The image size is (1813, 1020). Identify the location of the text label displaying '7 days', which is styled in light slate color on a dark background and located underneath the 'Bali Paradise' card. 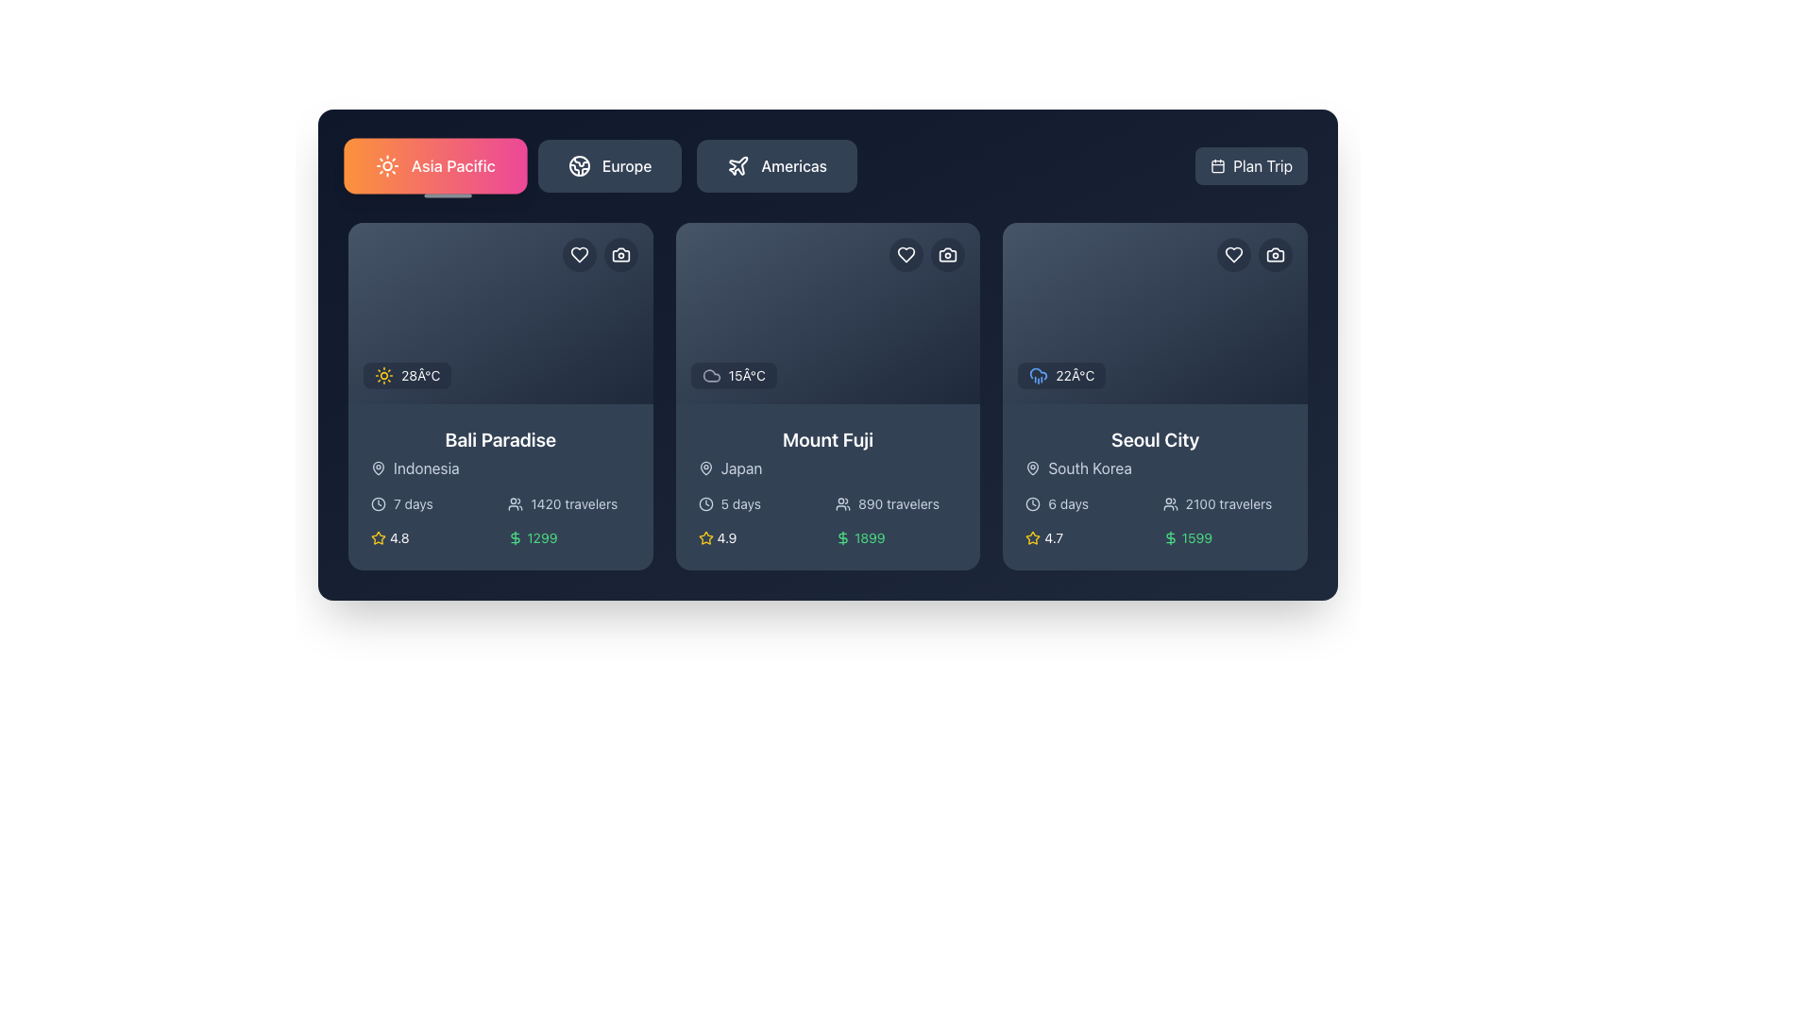
(412, 502).